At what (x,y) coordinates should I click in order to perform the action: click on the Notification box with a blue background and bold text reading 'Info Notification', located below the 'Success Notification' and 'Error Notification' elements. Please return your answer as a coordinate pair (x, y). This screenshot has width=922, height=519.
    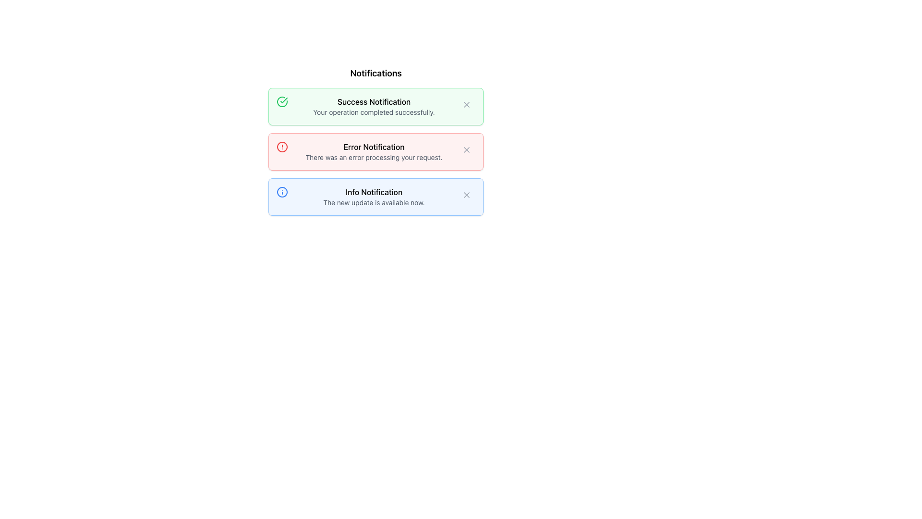
    Looking at the image, I should click on (375, 196).